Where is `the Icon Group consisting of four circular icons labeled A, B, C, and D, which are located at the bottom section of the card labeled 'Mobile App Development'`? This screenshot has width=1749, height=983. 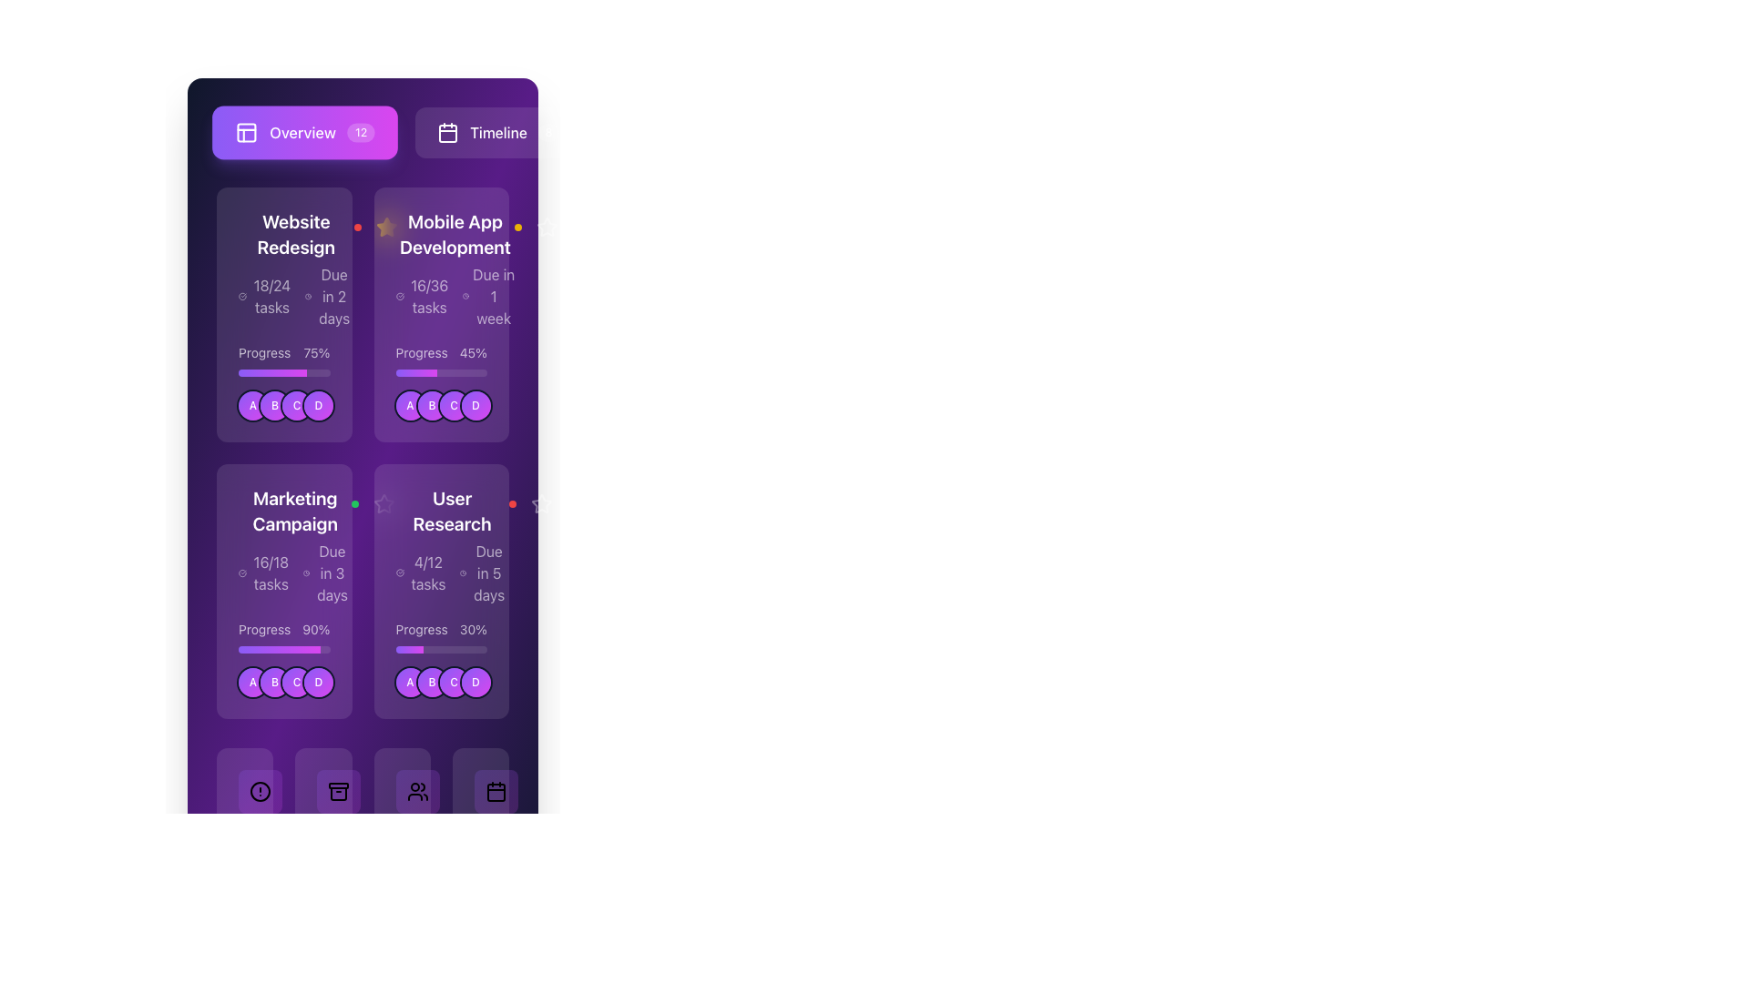
the Icon Group consisting of four circular icons labeled A, B, C, and D, which are located at the bottom section of the card labeled 'Mobile App Development' is located at coordinates (441, 405).